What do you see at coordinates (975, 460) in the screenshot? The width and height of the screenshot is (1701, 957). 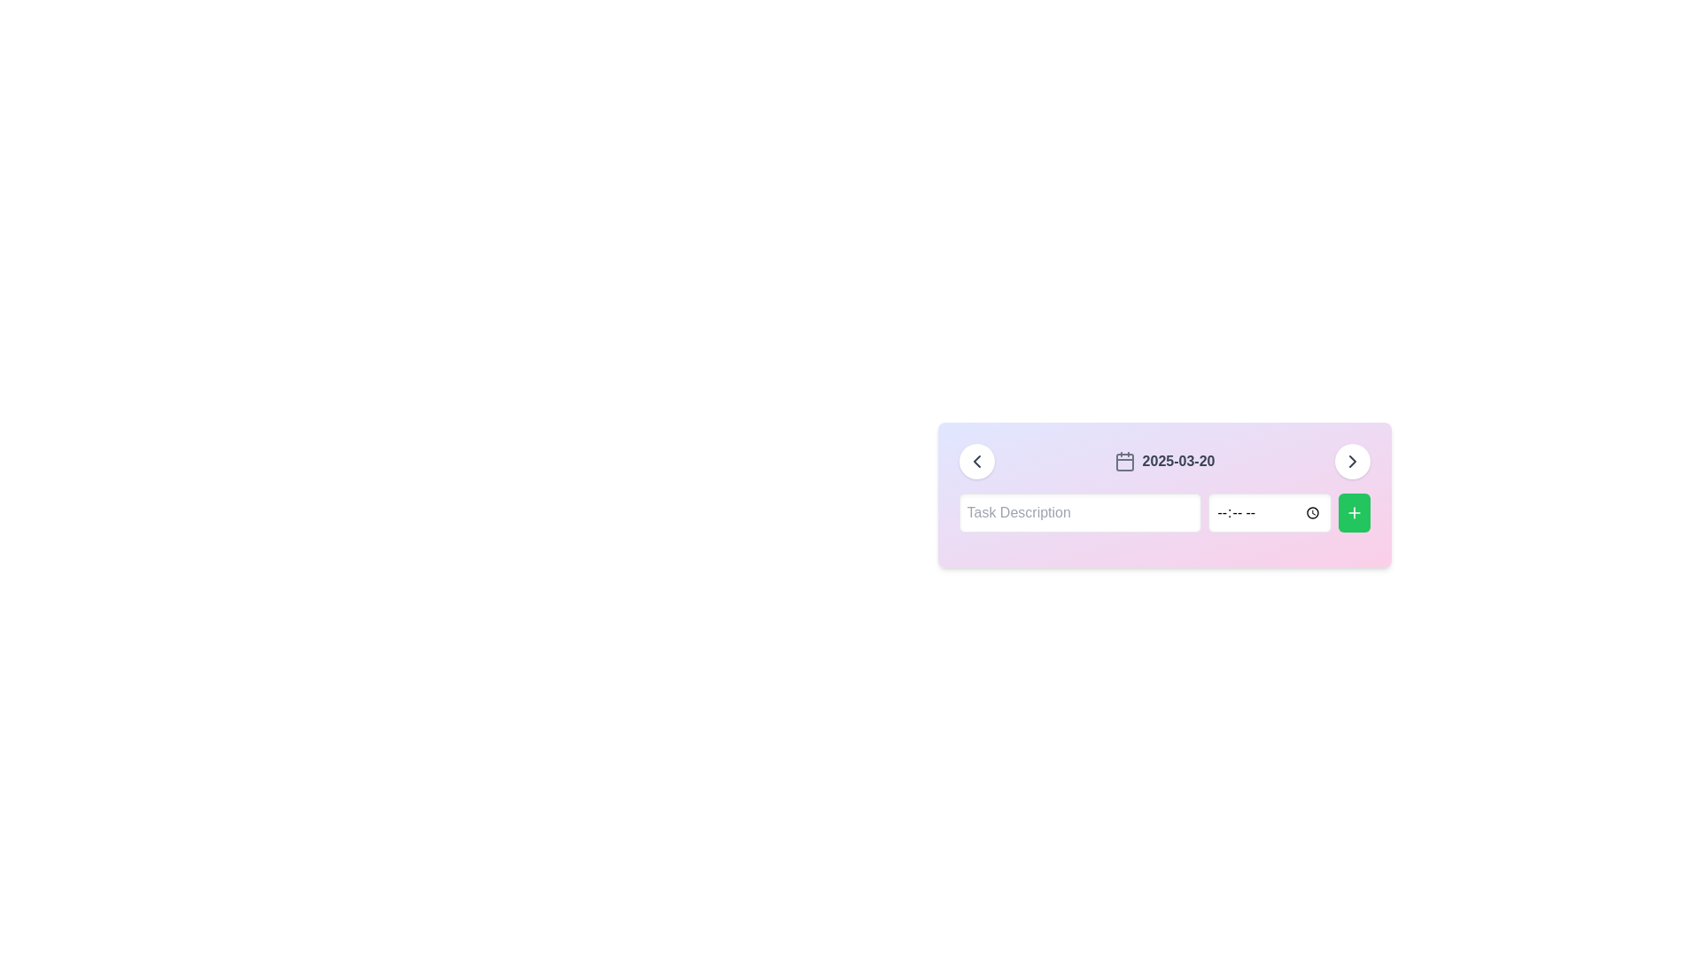 I see `the left-facing chevron icon which is part of a circular button located at the leftmost side of the task input panel` at bounding box center [975, 460].